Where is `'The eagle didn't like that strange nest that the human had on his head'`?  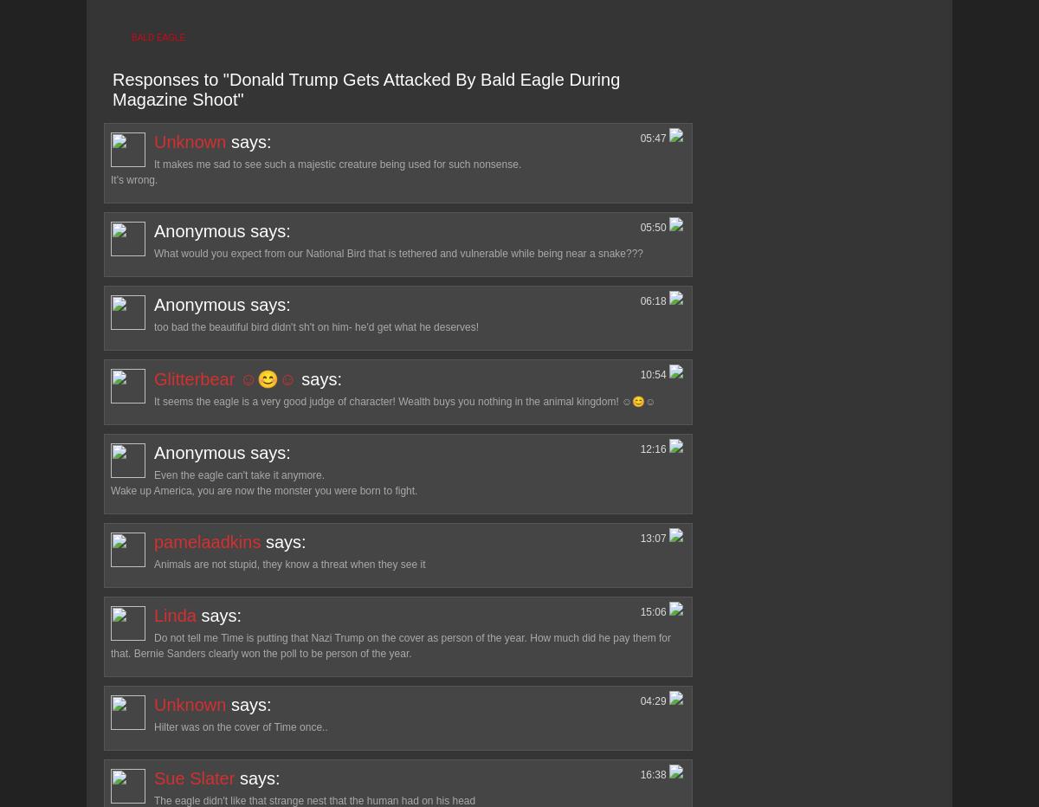 'The eagle didn't like that strange nest that the human had on his head' is located at coordinates (314, 799).